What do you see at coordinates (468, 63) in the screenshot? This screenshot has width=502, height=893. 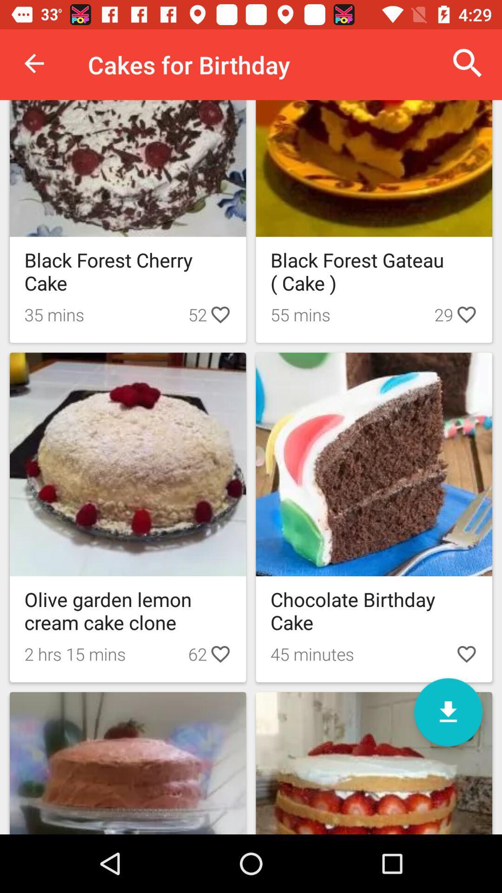 I see `item next to cakes for birthday item` at bounding box center [468, 63].